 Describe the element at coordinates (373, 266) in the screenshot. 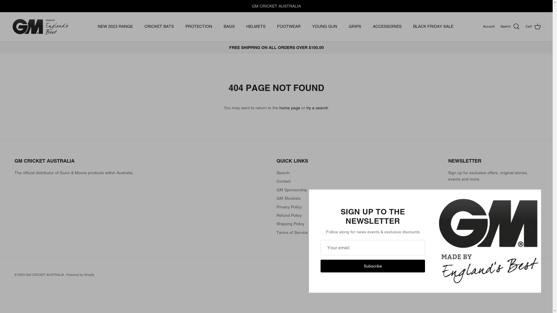

I see `'Subscribe'` at that location.